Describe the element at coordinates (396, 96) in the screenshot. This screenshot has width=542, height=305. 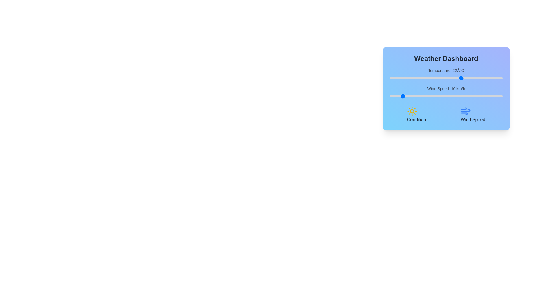
I see `the wind speed slider to set the wind speed to 6 km/h` at that location.